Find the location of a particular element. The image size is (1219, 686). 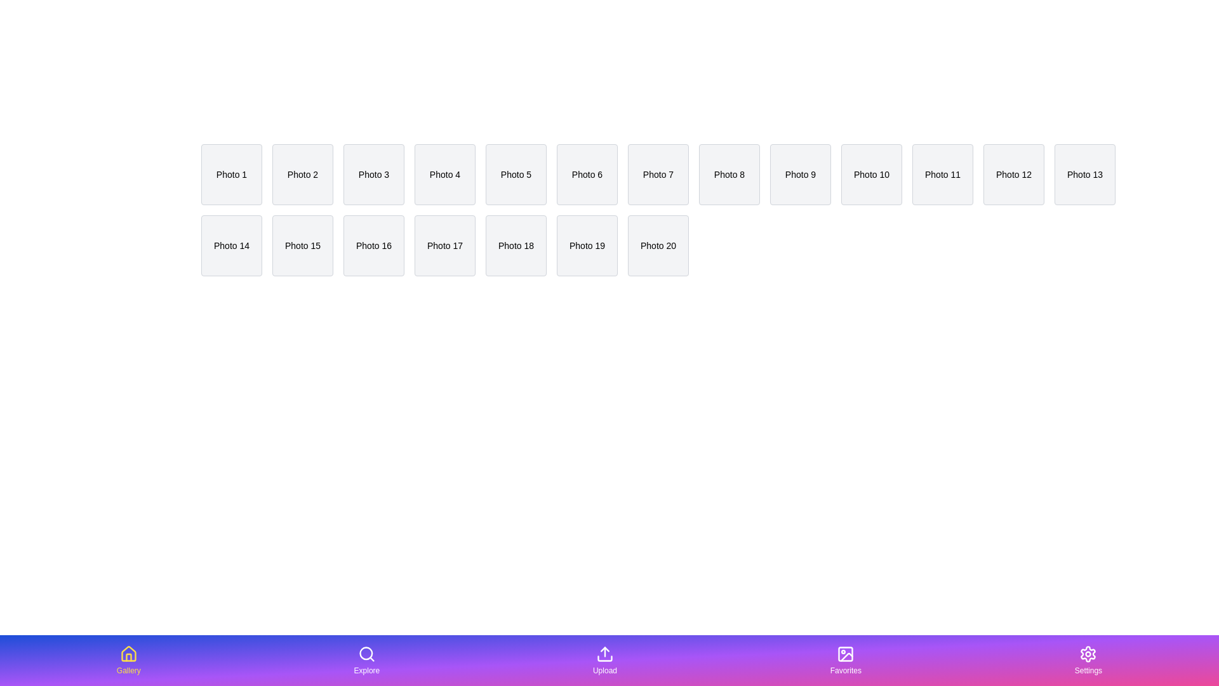

the tab labeled Favorites in the bottom navigation bar is located at coordinates (845, 660).